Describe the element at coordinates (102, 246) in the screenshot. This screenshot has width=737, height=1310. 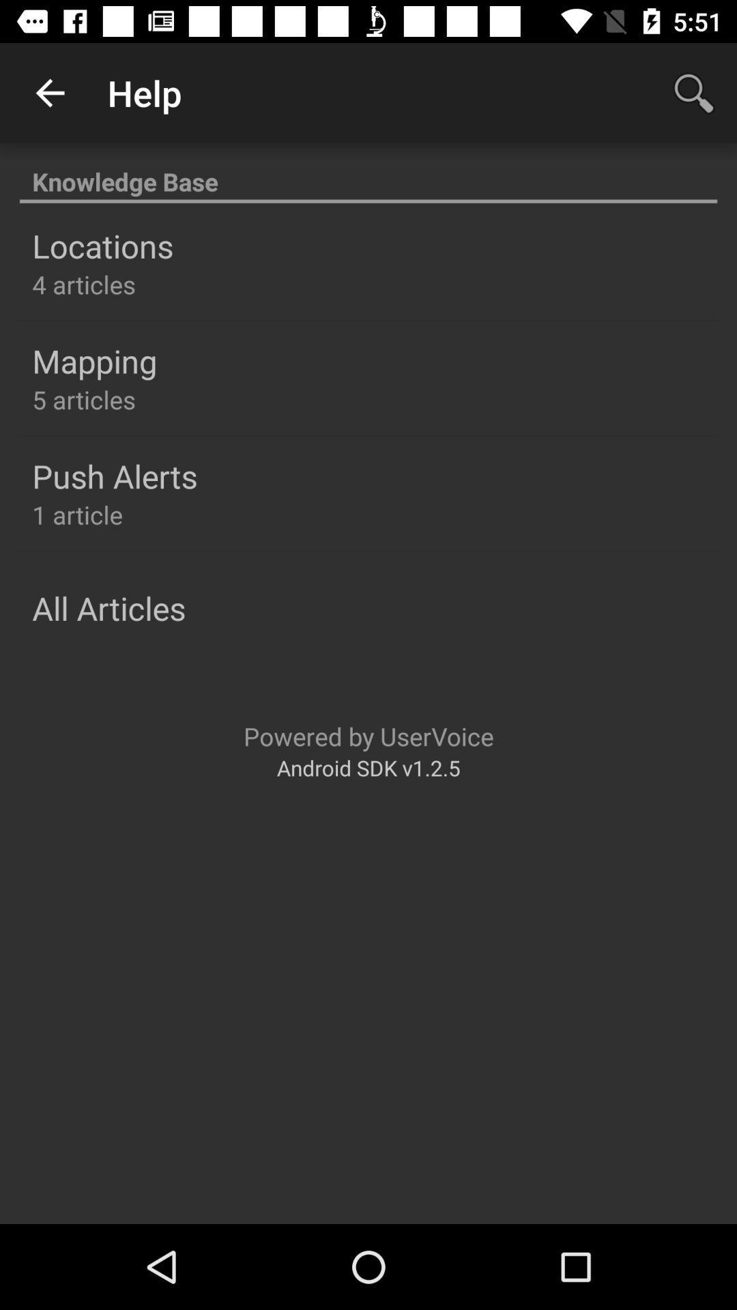
I see `icon above the 4 articles` at that location.